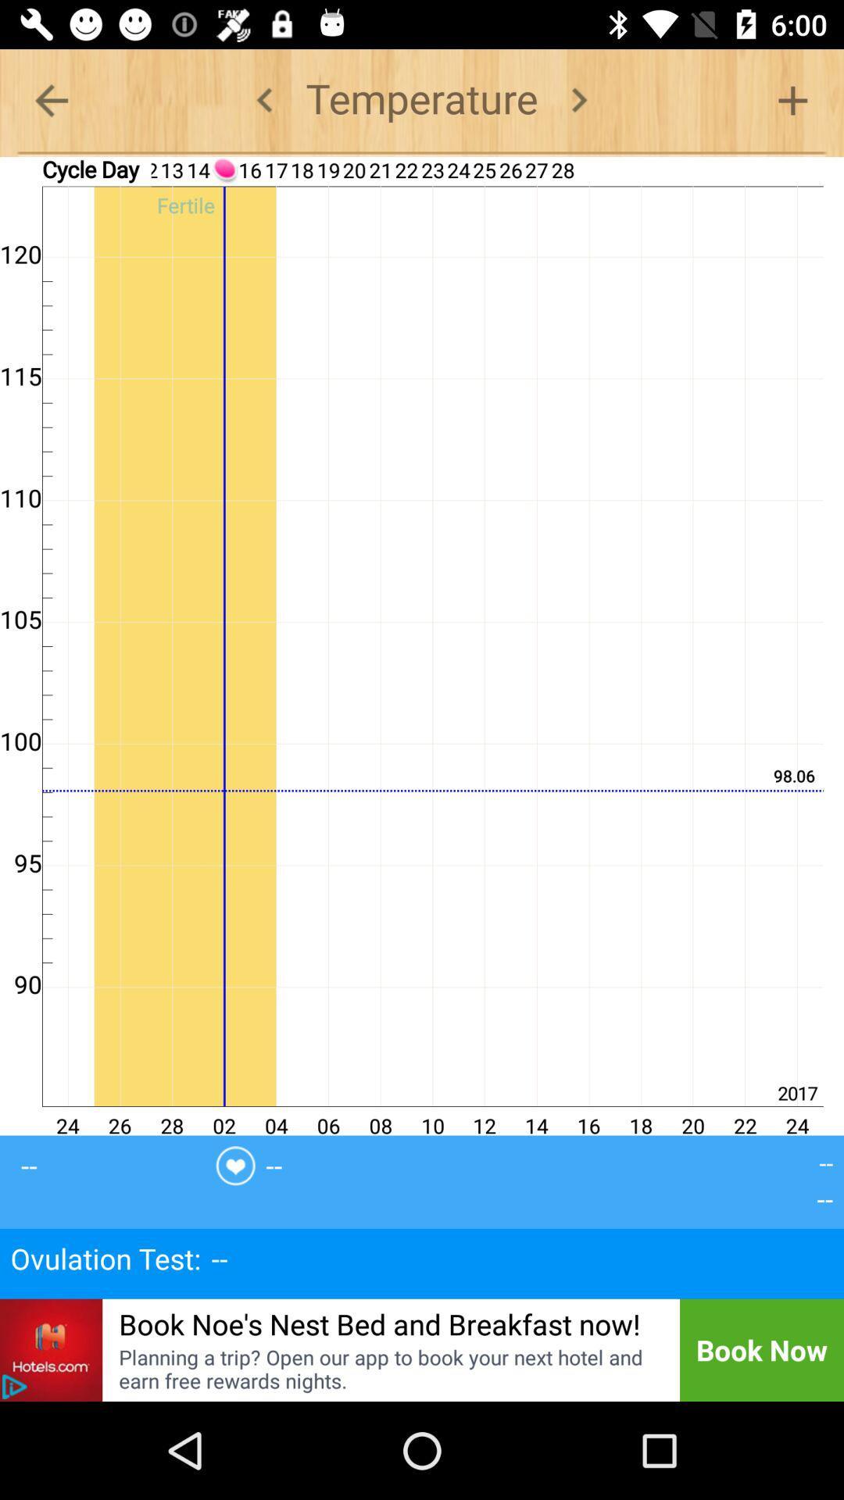  What do you see at coordinates (792, 99) in the screenshot?
I see `the add icon` at bounding box center [792, 99].